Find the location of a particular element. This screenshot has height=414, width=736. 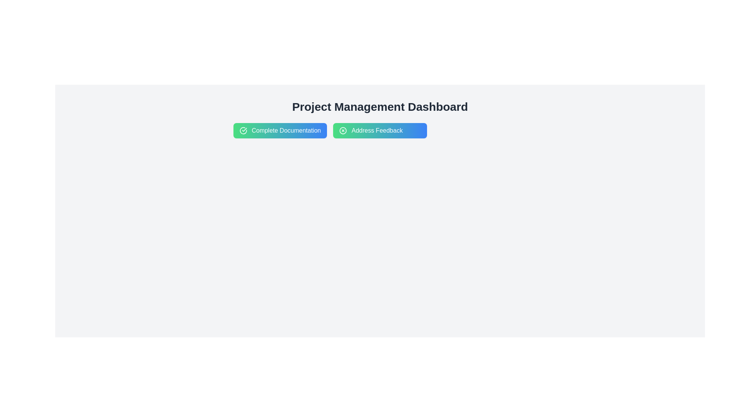

the second task chip labeled 'Address Feedback' is located at coordinates (380, 130).